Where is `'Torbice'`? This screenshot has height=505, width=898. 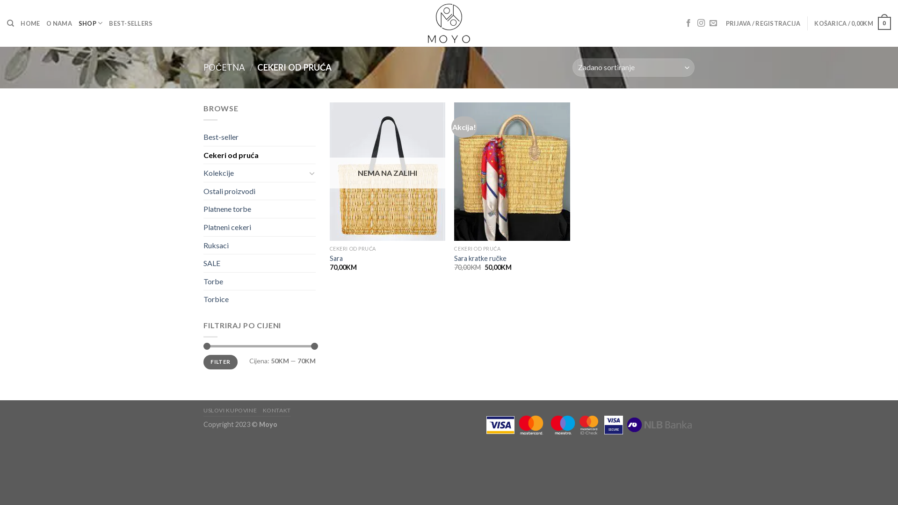
'Torbice' is located at coordinates (260, 299).